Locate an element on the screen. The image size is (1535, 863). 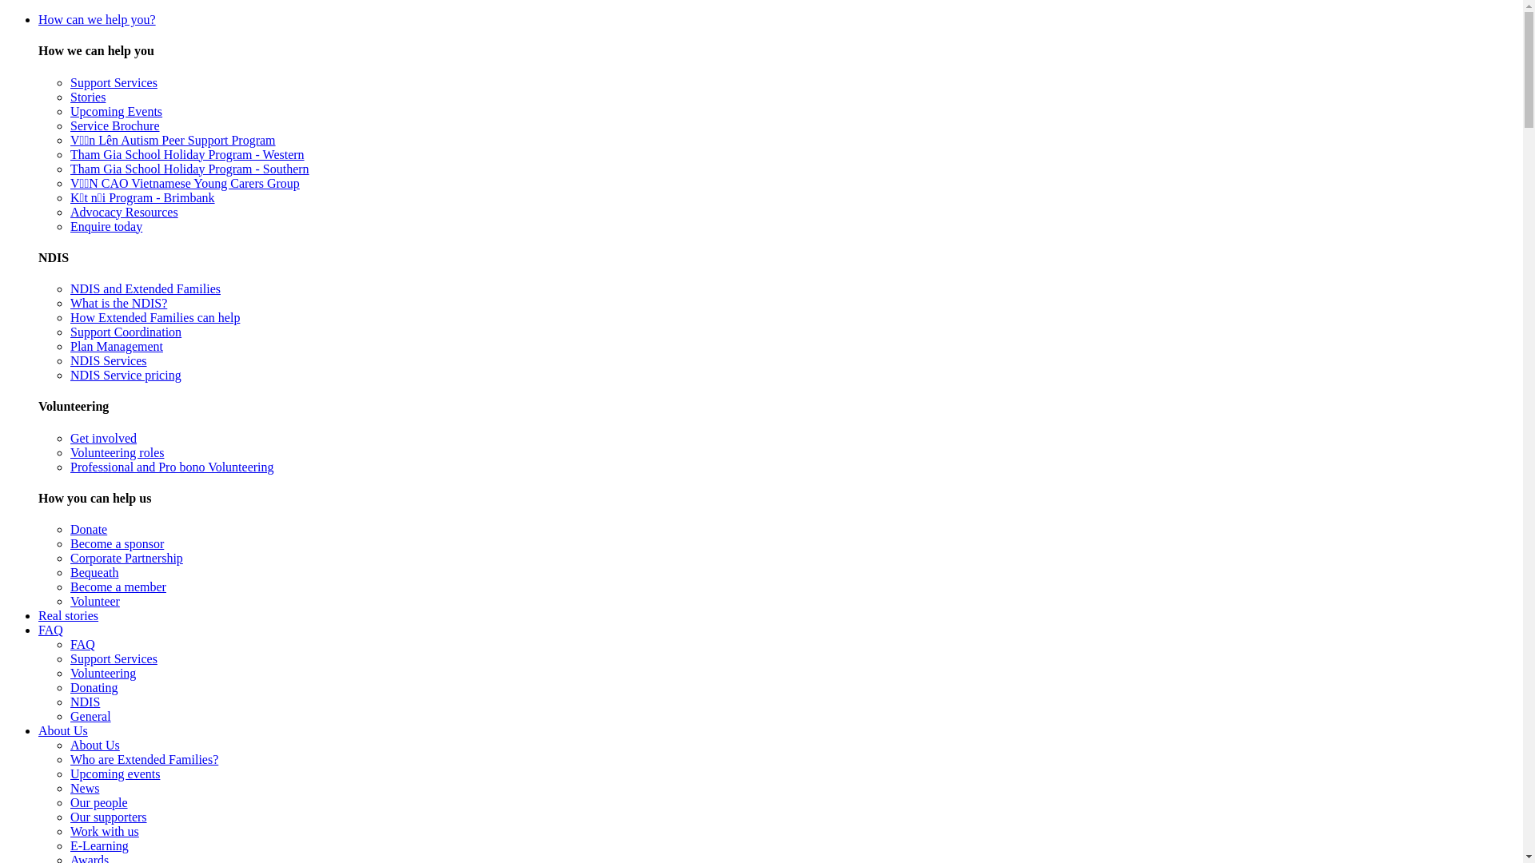
'Support Services' is located at coordinates (113, 82).